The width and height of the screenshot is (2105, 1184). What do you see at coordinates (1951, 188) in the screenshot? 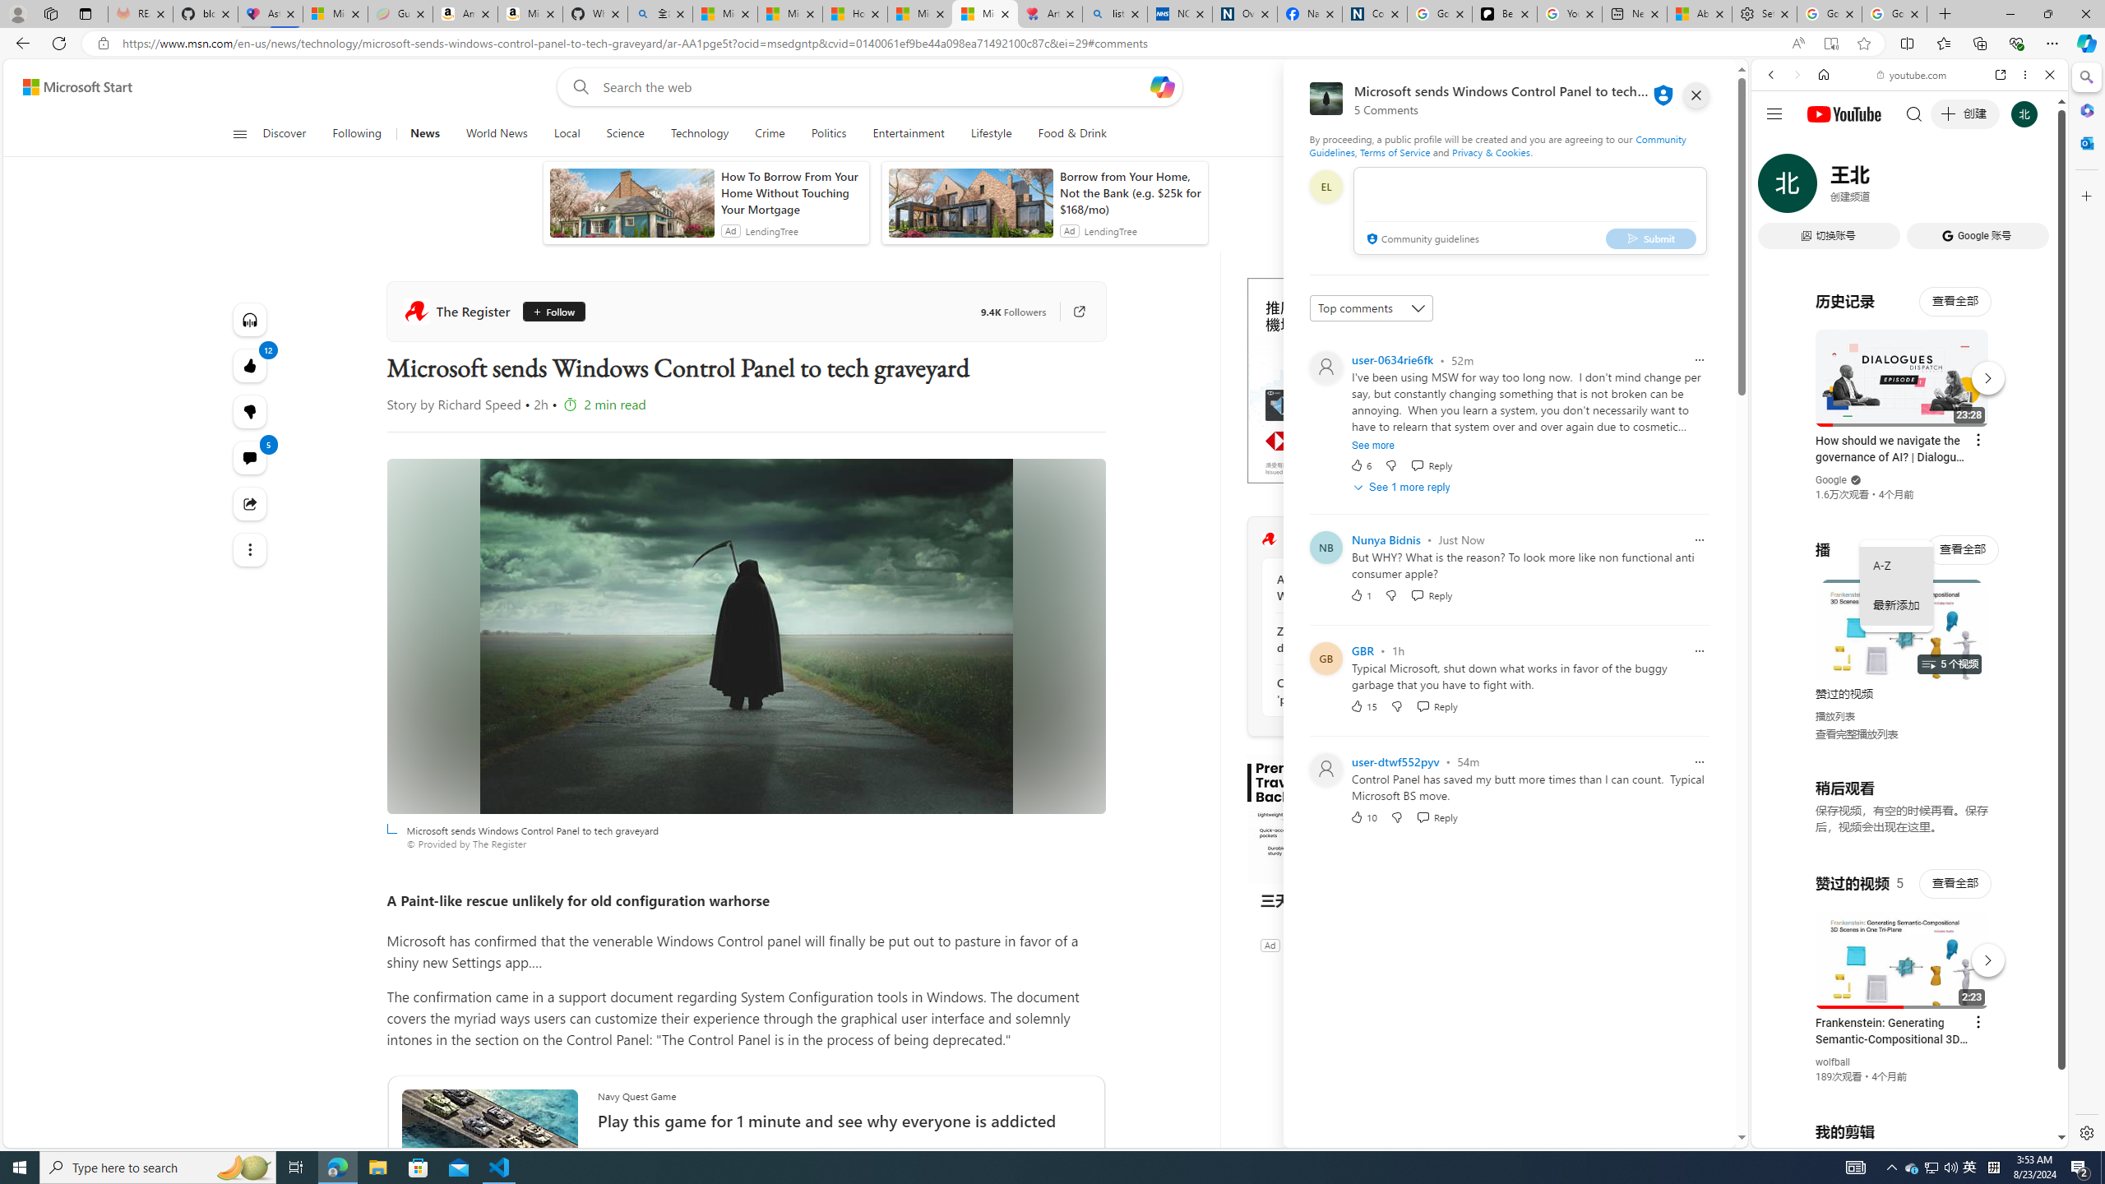
I see `'SEARCH TOOLS'` at bounding box center [1951, 188].